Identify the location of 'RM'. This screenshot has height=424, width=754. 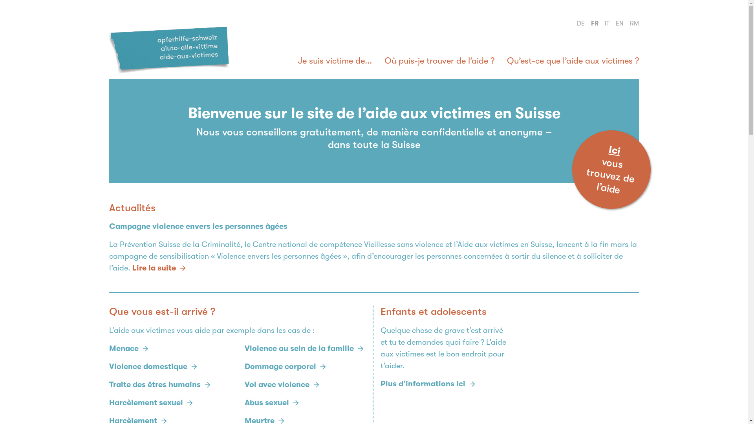
(634, 23).